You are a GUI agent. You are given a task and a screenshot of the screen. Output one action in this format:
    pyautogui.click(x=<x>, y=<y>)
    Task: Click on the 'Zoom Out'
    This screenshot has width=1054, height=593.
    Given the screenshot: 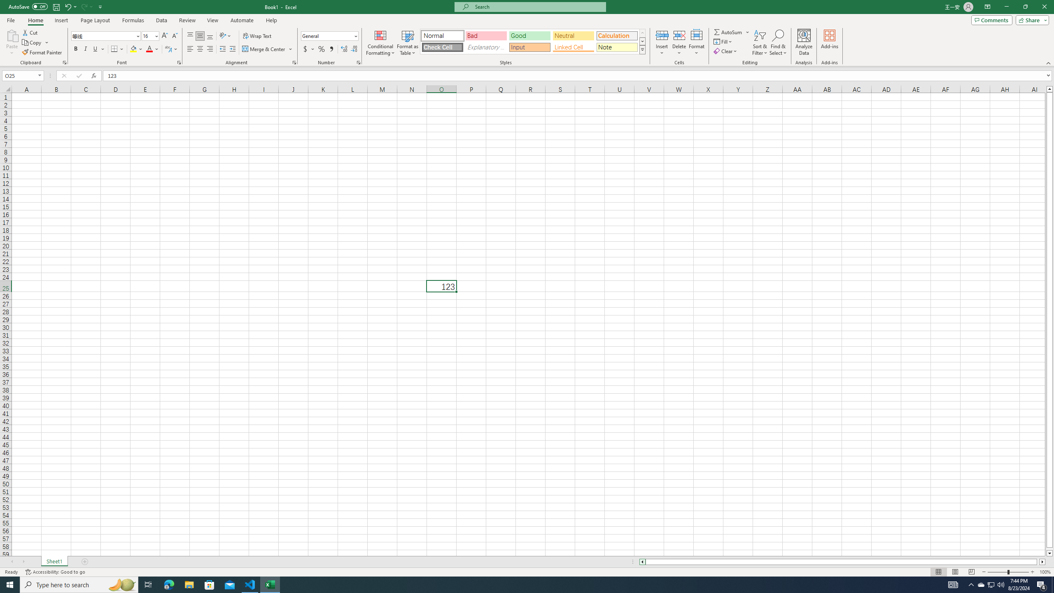 What is the action you would take?
    pyautogui.click(x=997, y=572)
    